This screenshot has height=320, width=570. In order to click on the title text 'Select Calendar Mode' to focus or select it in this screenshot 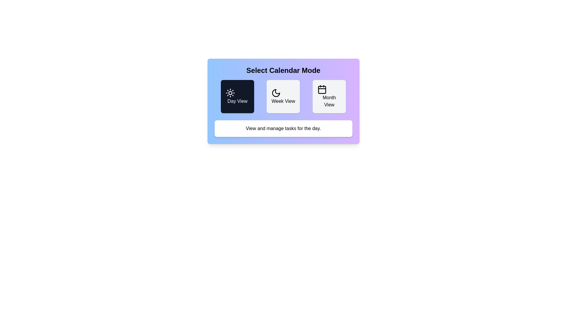, I will do `click(283, 70)`.